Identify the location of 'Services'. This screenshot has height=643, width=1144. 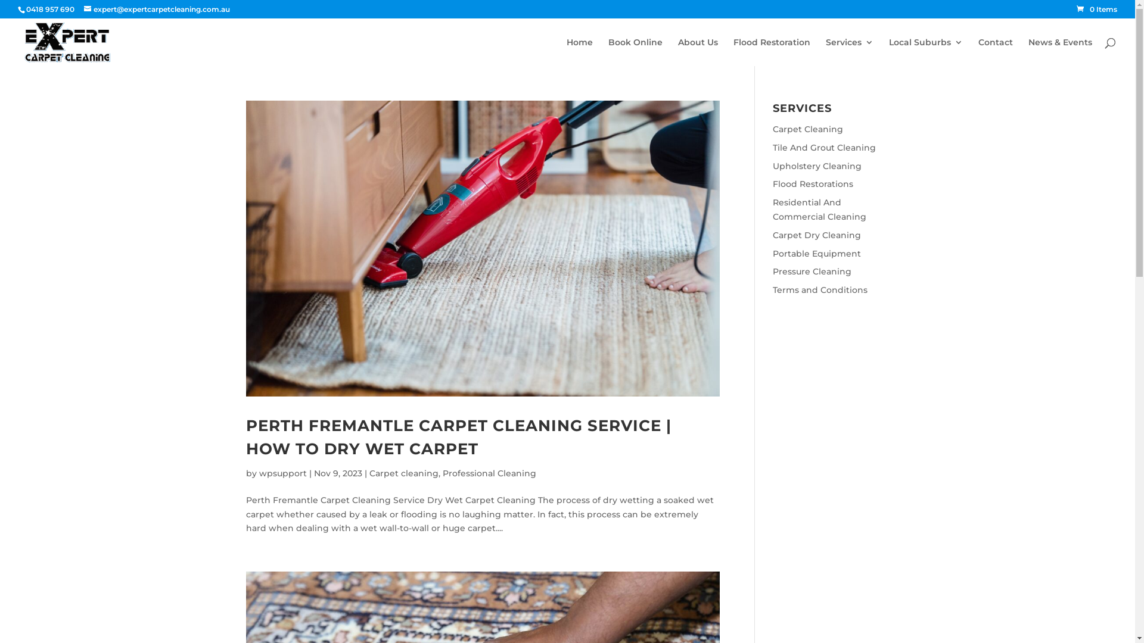
(848, 51).